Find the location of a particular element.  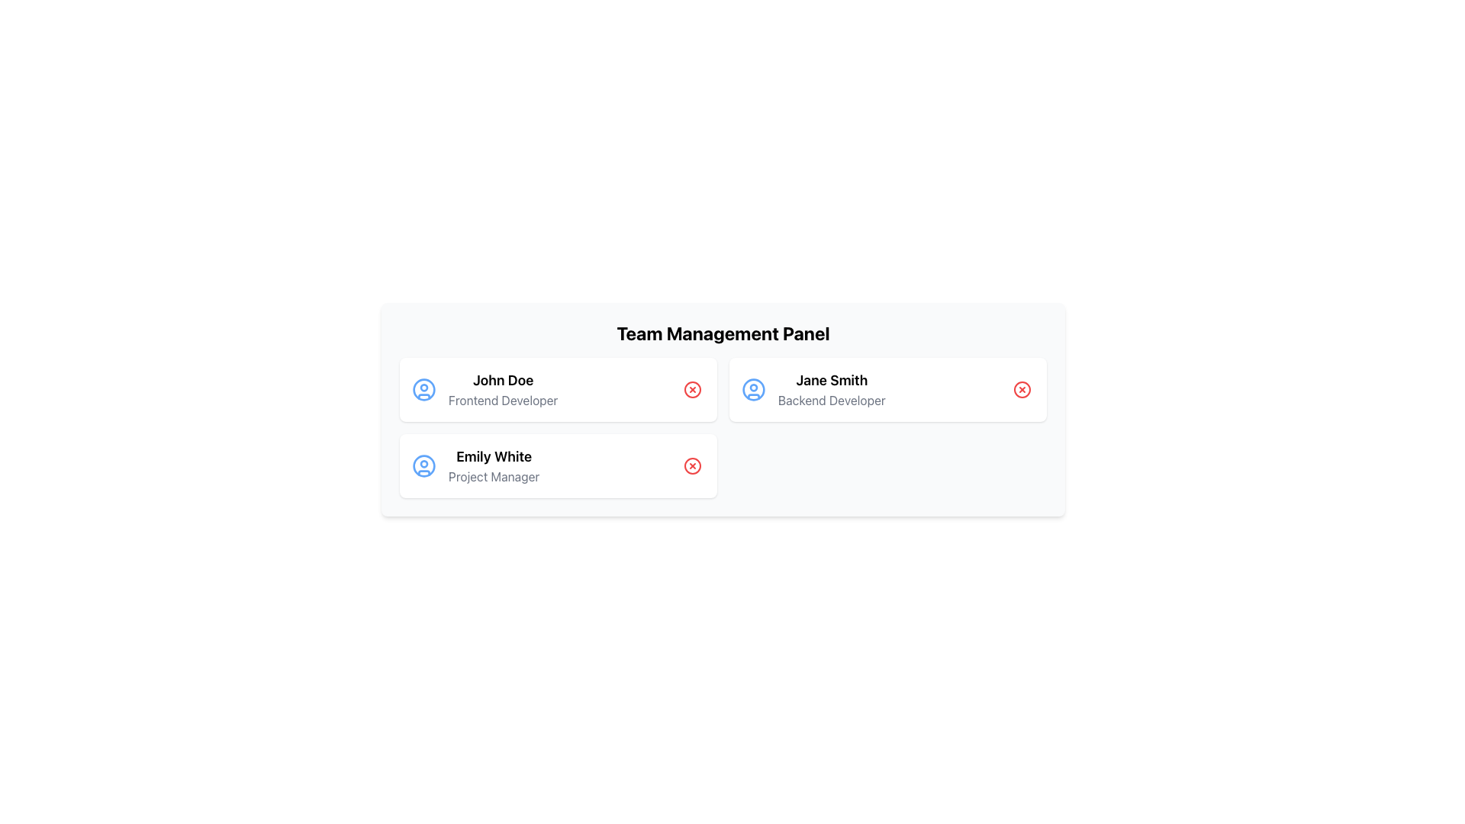

the circular user profile icon with a blue outline and inner figure located in the upper-right card under the 'Team Management Panel', next to the text 'Jane Smith' and 'Backend Developer' is located at coordinates (754, 388).